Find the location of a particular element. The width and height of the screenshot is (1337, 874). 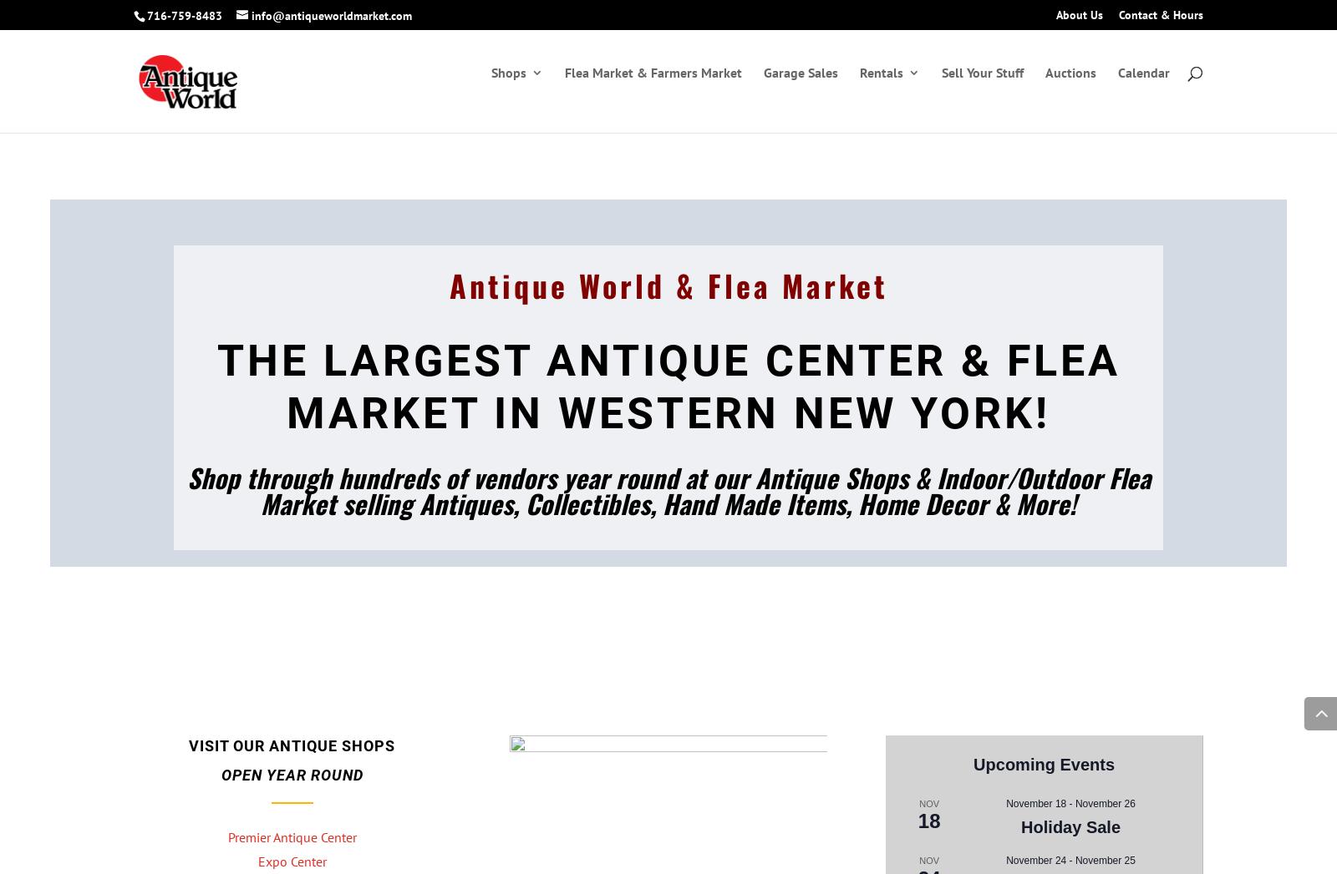

'Antique World & Flea Market' is located at coordinates (447, 284).